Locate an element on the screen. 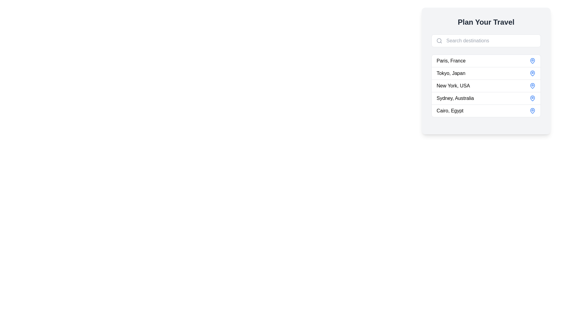  the fourth list item representing the selectable option for the destination 'Sydney, Australia' within the 'Plan Your Travel' card is located at coordinates (486, 98).